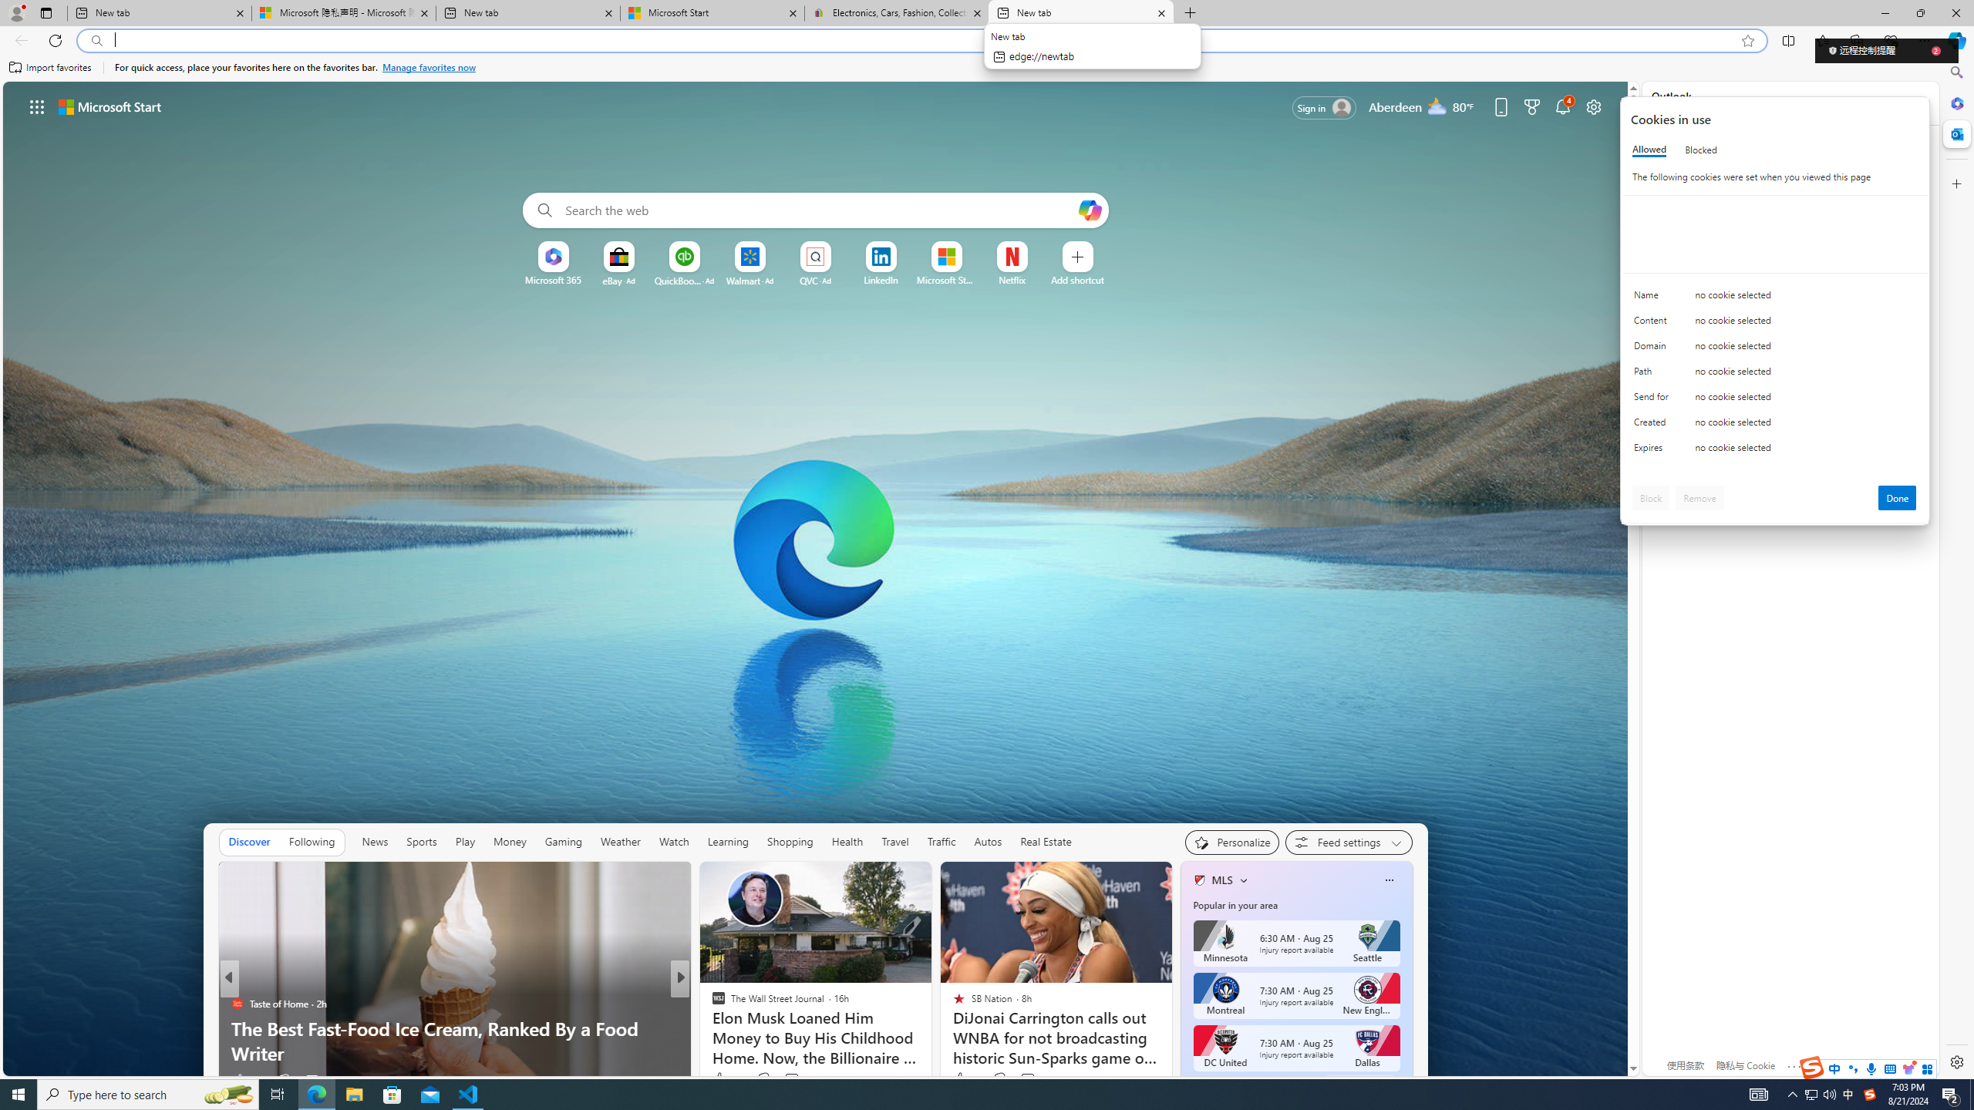 The width and height of the screenshot is (1974, 1110). I want to click on 'View comments 91 Comment', so click(793, 1080).